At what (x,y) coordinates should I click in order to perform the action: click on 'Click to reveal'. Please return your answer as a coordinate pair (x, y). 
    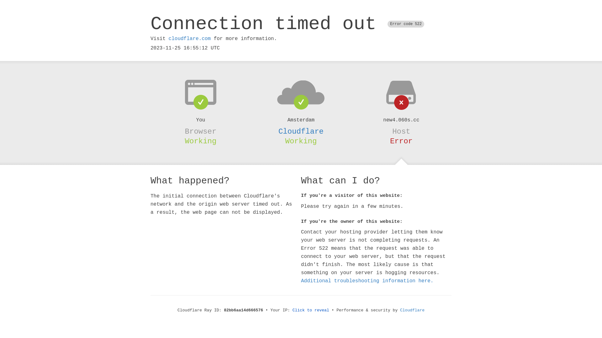
    Looking at the image, I should click on (311, 310).